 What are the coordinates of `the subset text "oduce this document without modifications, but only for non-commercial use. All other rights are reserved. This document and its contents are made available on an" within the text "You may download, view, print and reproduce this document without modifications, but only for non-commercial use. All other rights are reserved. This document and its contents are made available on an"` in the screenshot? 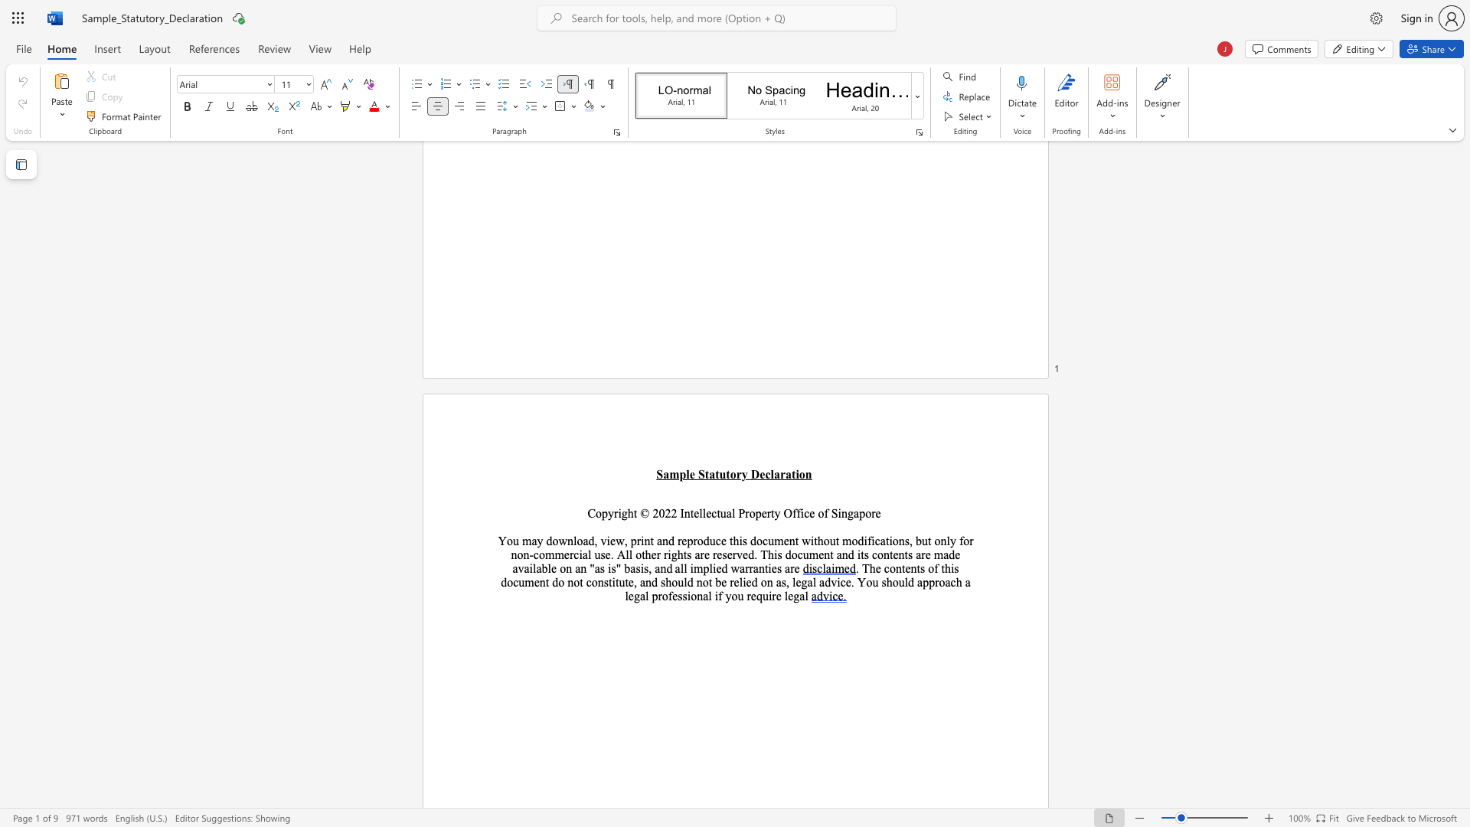 It's located at (696, 540).